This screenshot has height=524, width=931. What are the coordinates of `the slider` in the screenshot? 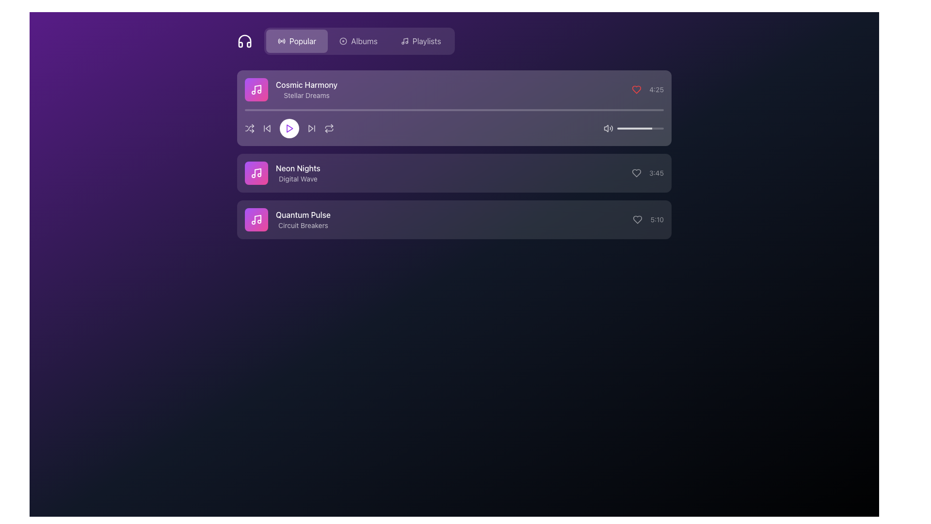 It's located at (628, 128).